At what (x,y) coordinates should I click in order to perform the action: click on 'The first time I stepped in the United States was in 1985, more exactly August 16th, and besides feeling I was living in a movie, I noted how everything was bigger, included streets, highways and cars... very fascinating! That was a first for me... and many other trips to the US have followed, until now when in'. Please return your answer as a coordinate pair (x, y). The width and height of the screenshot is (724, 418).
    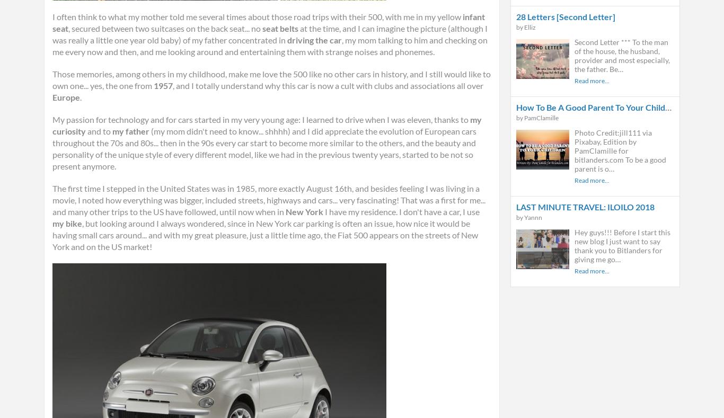
    Looking at the image, I should click on (269, 199).